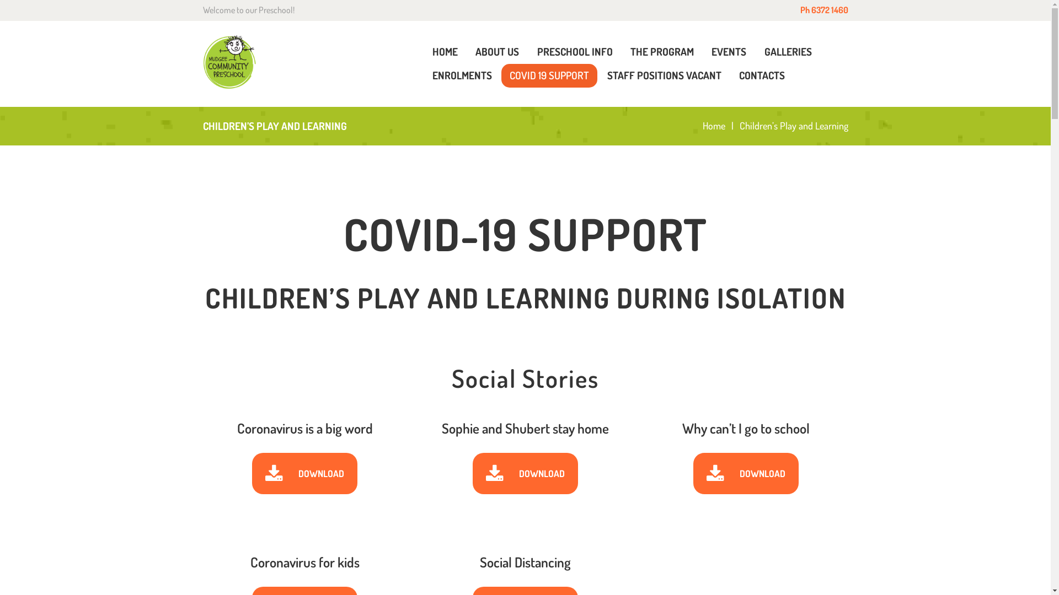 This screenshot has width=1059, height=595. What do you see at coordinates (525, 473) in the screenshot?
I see `'DOWNLOAD'` at bounding box center [525, 473].